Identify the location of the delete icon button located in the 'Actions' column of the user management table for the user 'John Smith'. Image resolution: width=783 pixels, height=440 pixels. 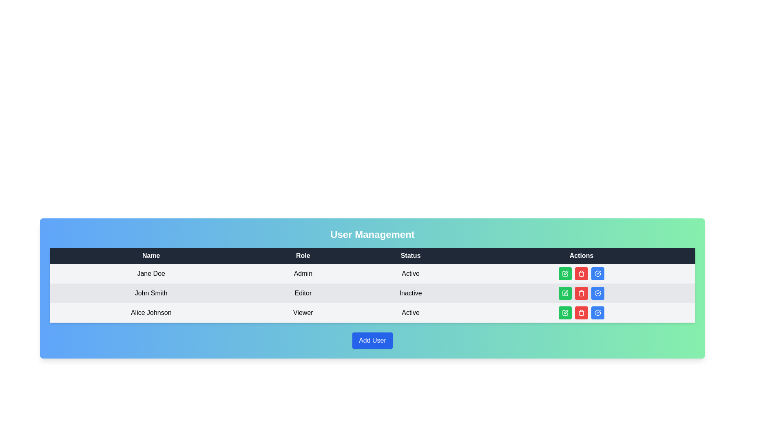
(581, 312).